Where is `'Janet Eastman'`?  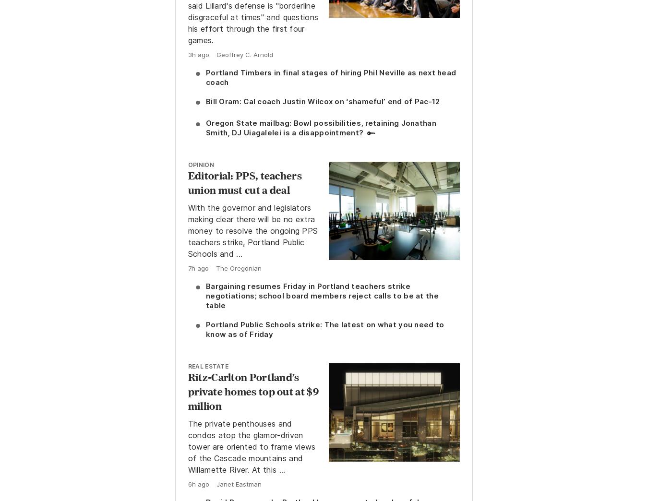
'Janet Eastman' is located at coordinates (238, 483).